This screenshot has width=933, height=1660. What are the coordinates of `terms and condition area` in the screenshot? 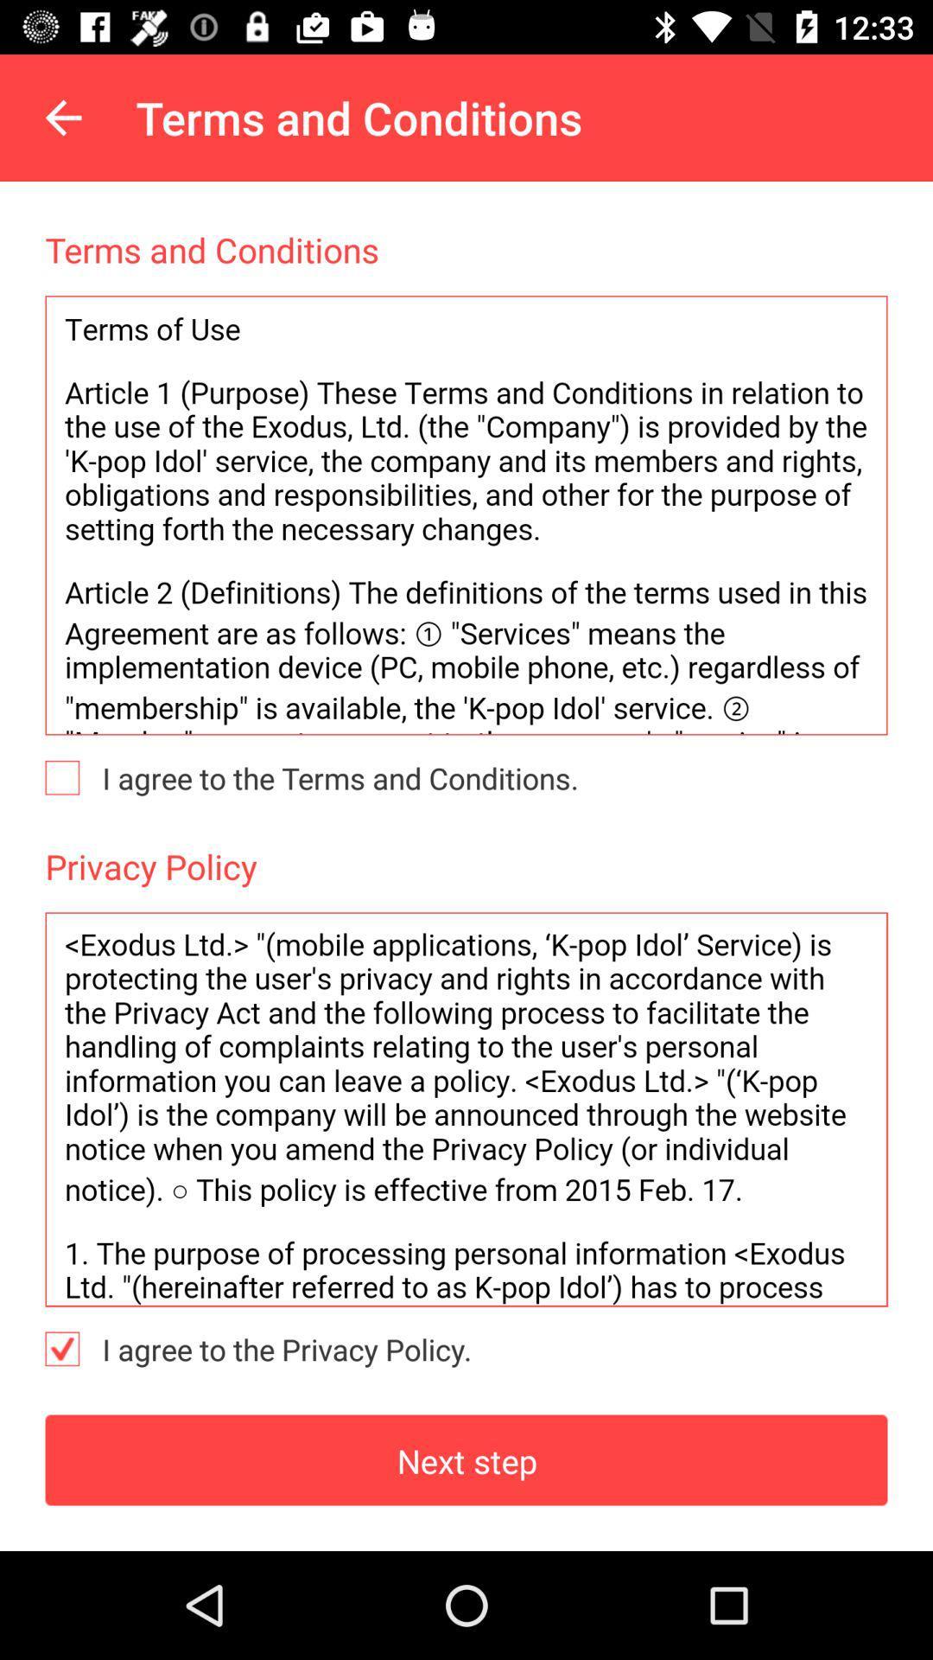 It's located at (466, 514).